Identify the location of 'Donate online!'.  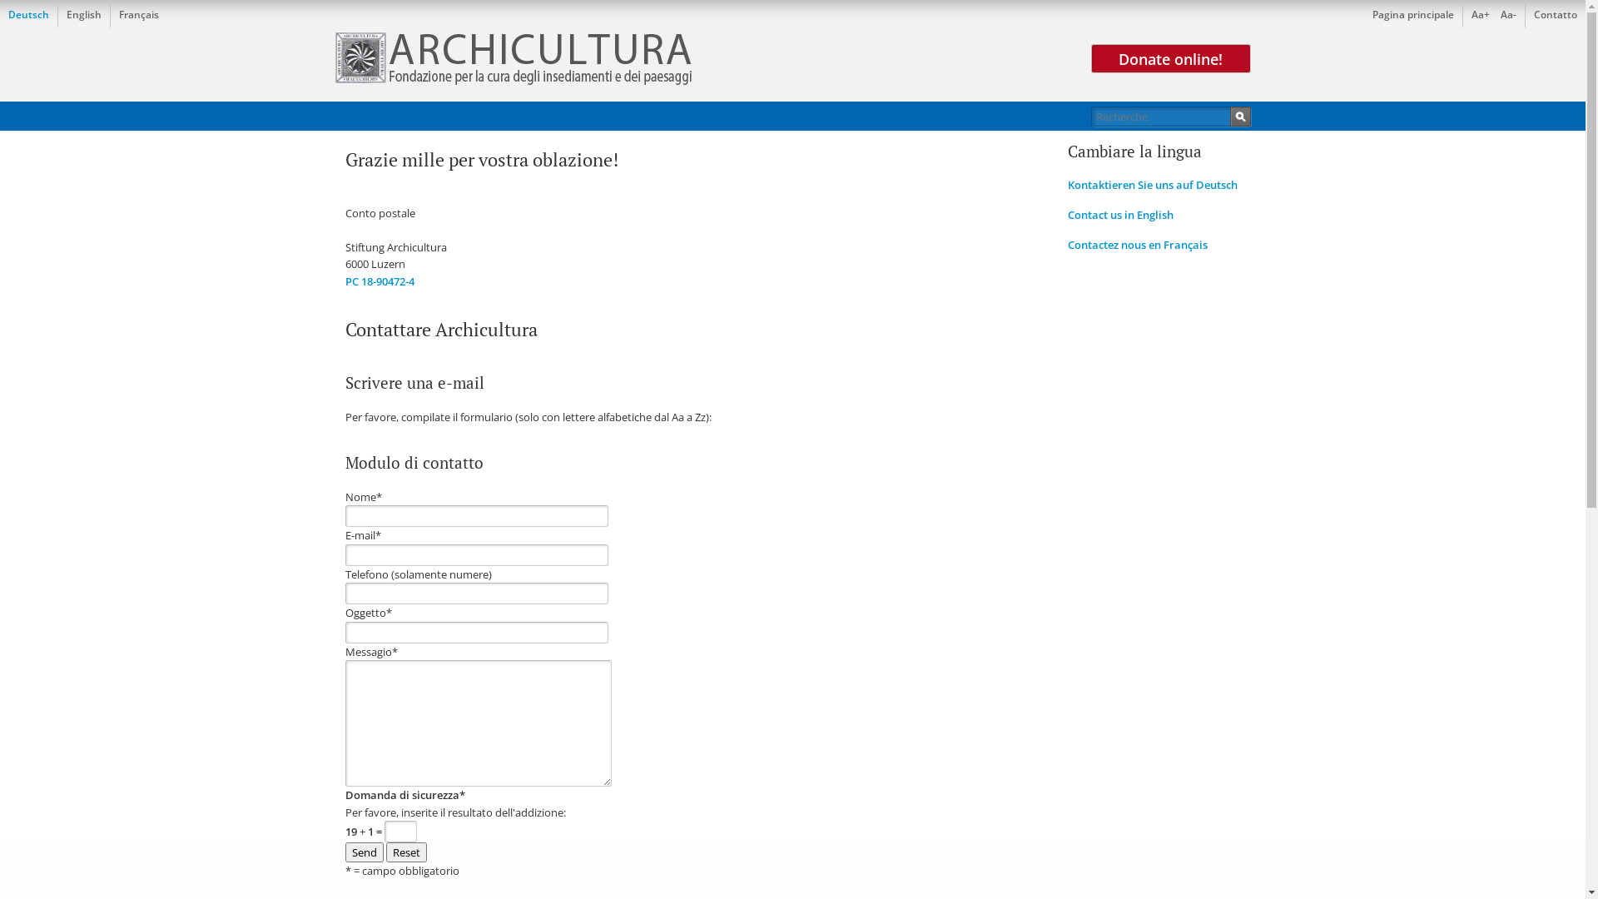
(1169, 57).